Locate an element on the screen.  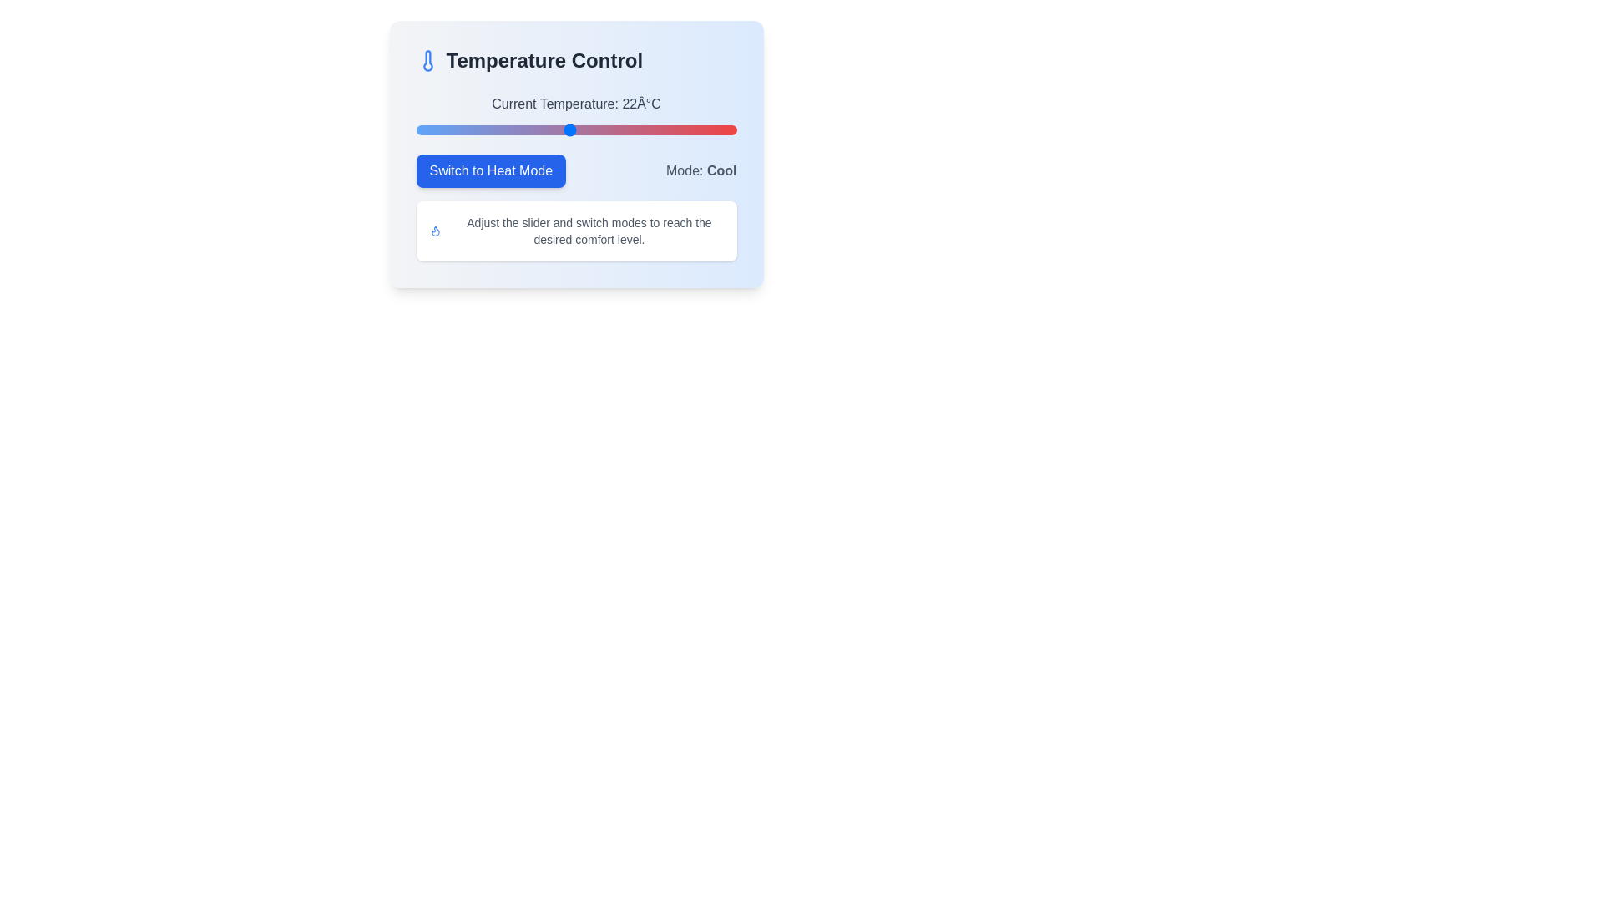
the temperature slider to set the value to 17°C is located at coordinates (504, 129).